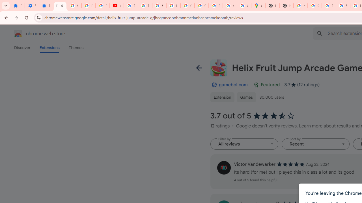 This screenshot has height=203, width=362. Describe the element at coordinates (258, 6) in the screenshot. I see `'Google Maps'` at that location.